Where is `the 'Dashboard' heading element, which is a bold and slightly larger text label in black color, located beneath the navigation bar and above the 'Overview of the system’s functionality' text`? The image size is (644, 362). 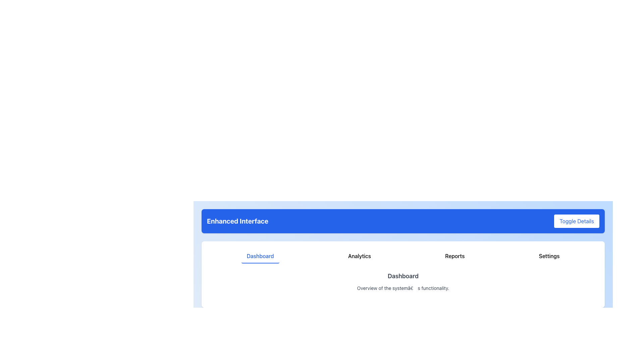 the 'Dashboard' heading element, which is a bold and slightly larger text label in black color, located beneath the navigation bar and above the 'Overview of the system’s functionality' text is located at coordinates (402, 276).